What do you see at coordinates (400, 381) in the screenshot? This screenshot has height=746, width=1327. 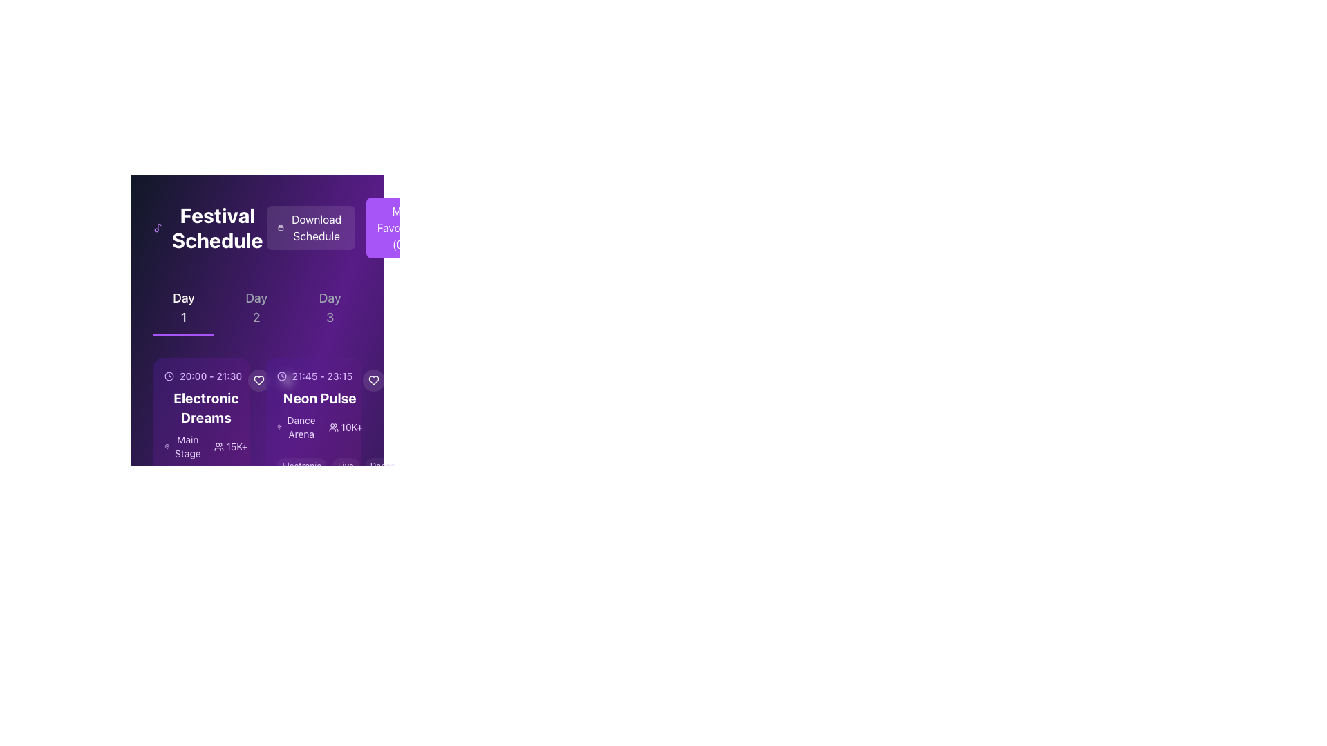 I see `the circular share button located to the right of the 'Neon Pulse' event listing` at bounding box center [400, 381].